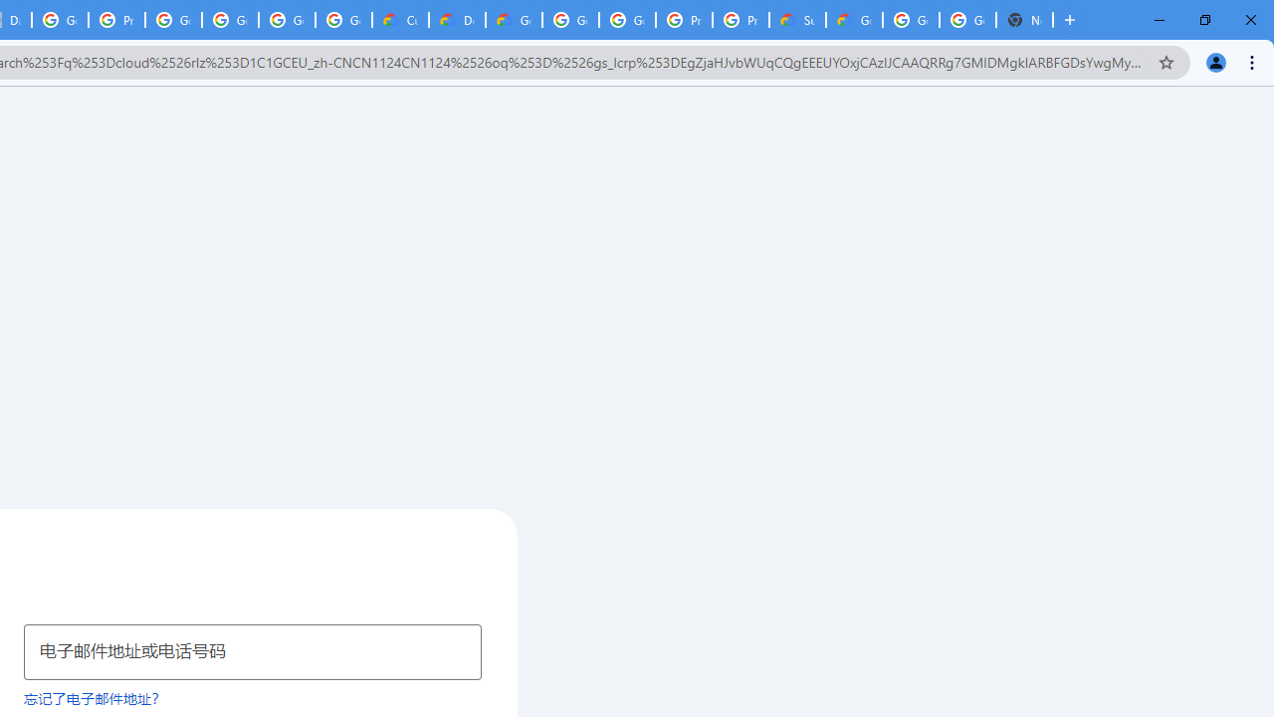  Describe the element at coordinates (854, 20) in the screenshot. I see `'Google Cloud Service Health'` at that location.